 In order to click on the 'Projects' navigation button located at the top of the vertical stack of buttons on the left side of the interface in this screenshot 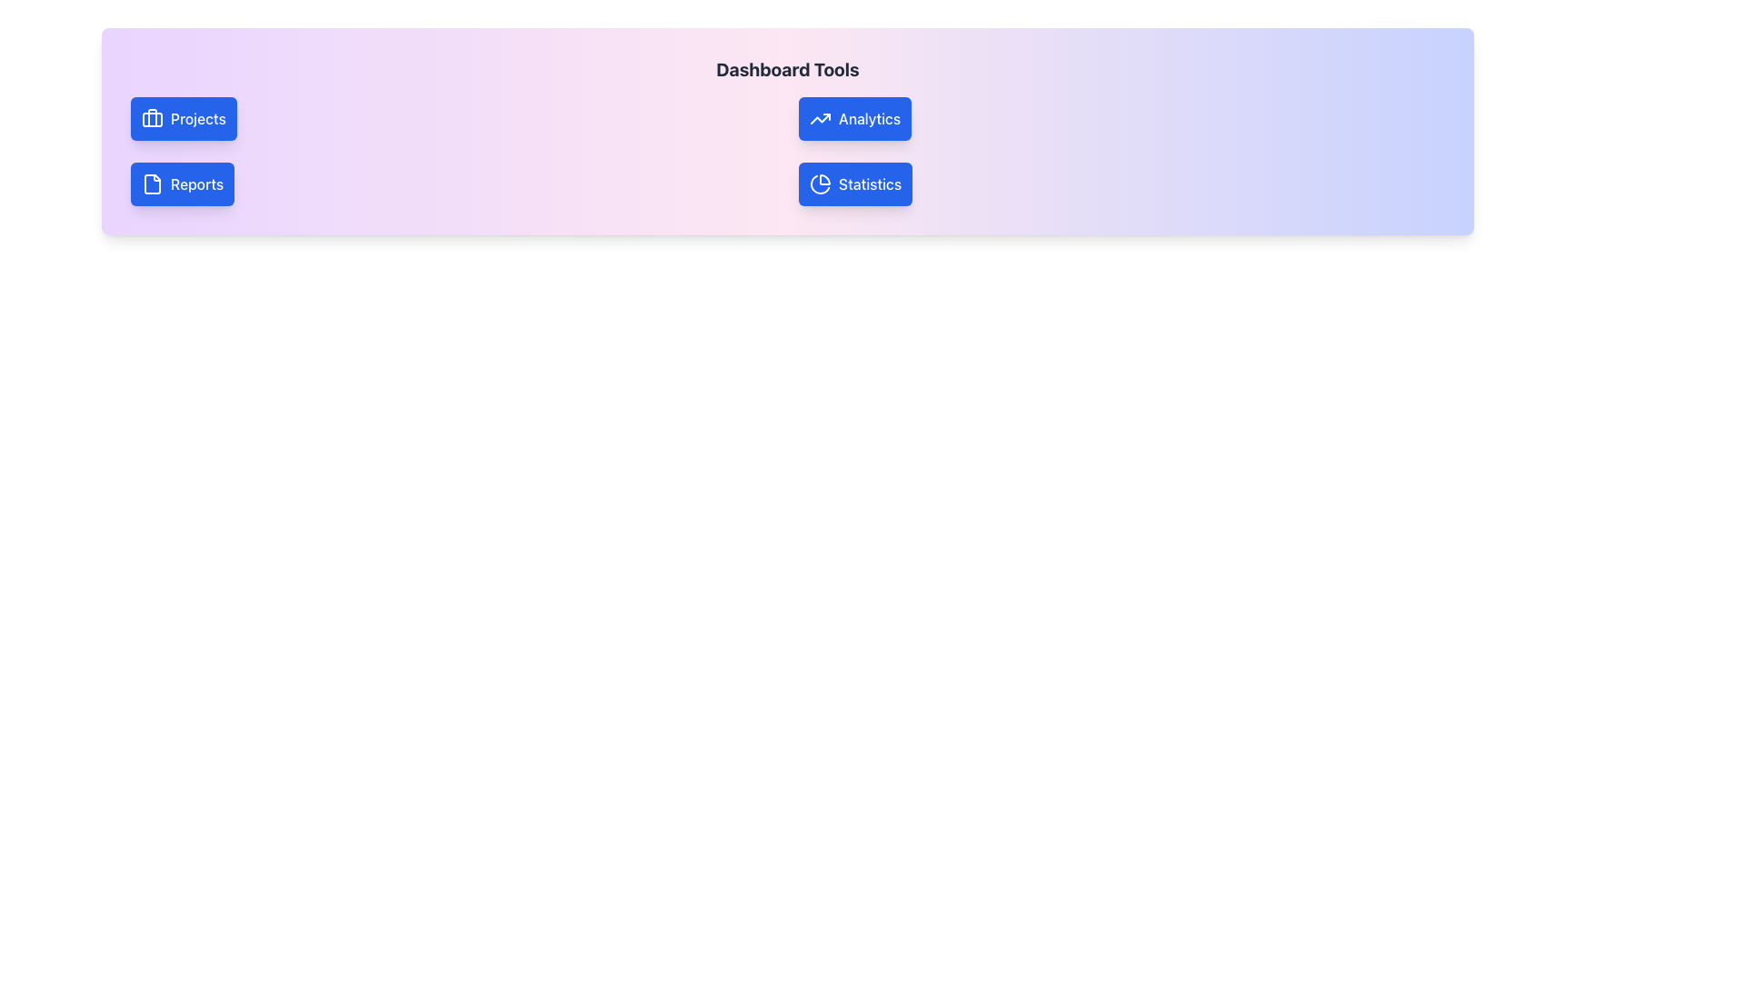, I will do `click(184, 119)`.